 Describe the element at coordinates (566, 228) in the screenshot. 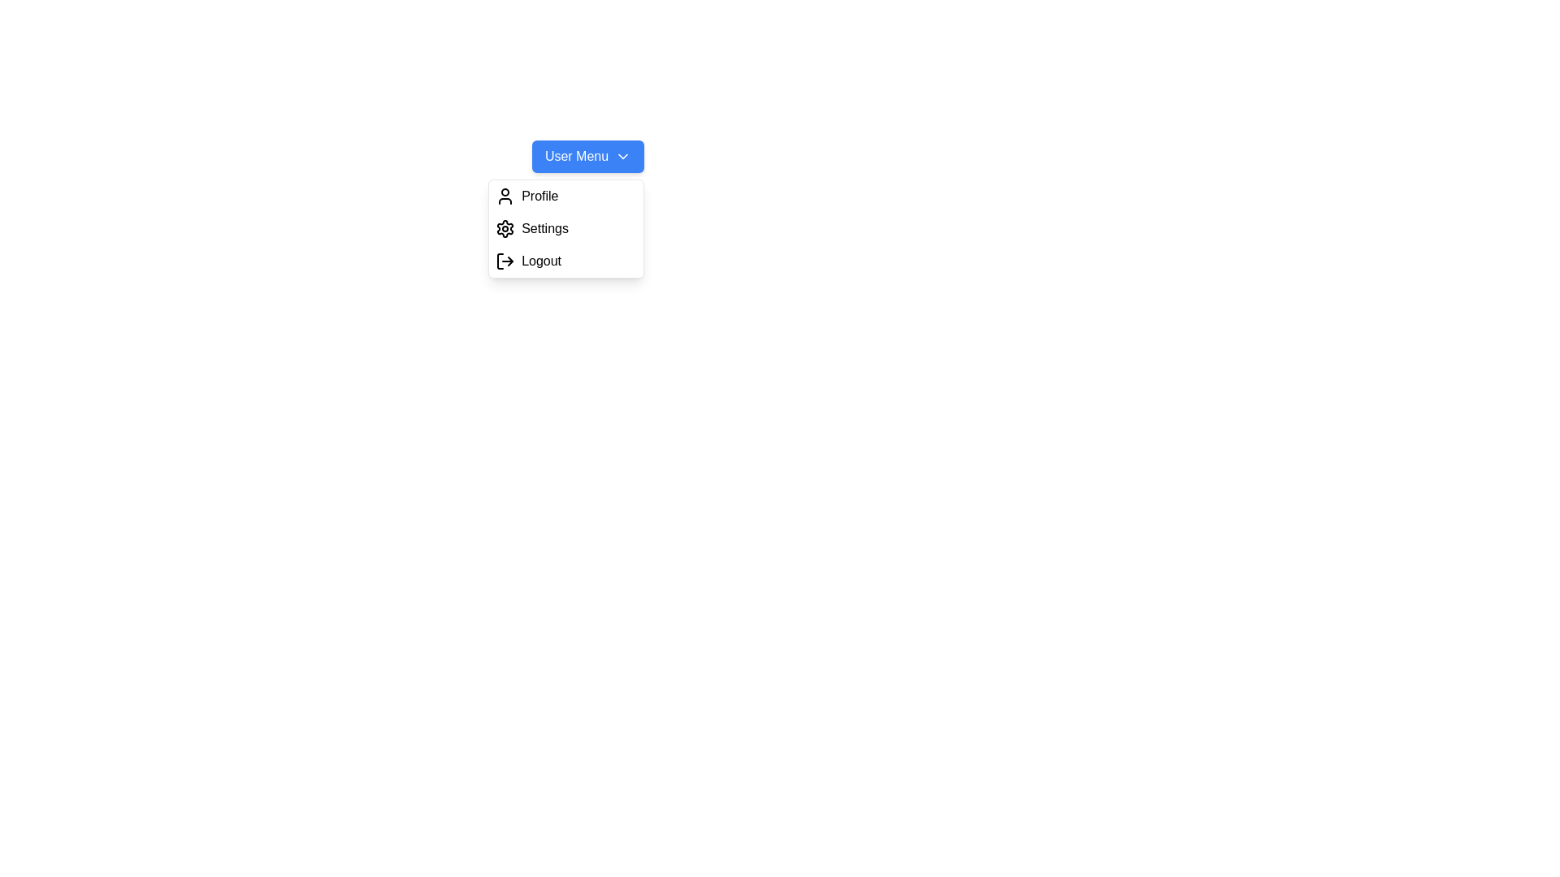

I see `the second menu item in the dropdown menu that allows access to settings-related functionalities, located below the 'Profile' item and above 'Logout'` at that location.